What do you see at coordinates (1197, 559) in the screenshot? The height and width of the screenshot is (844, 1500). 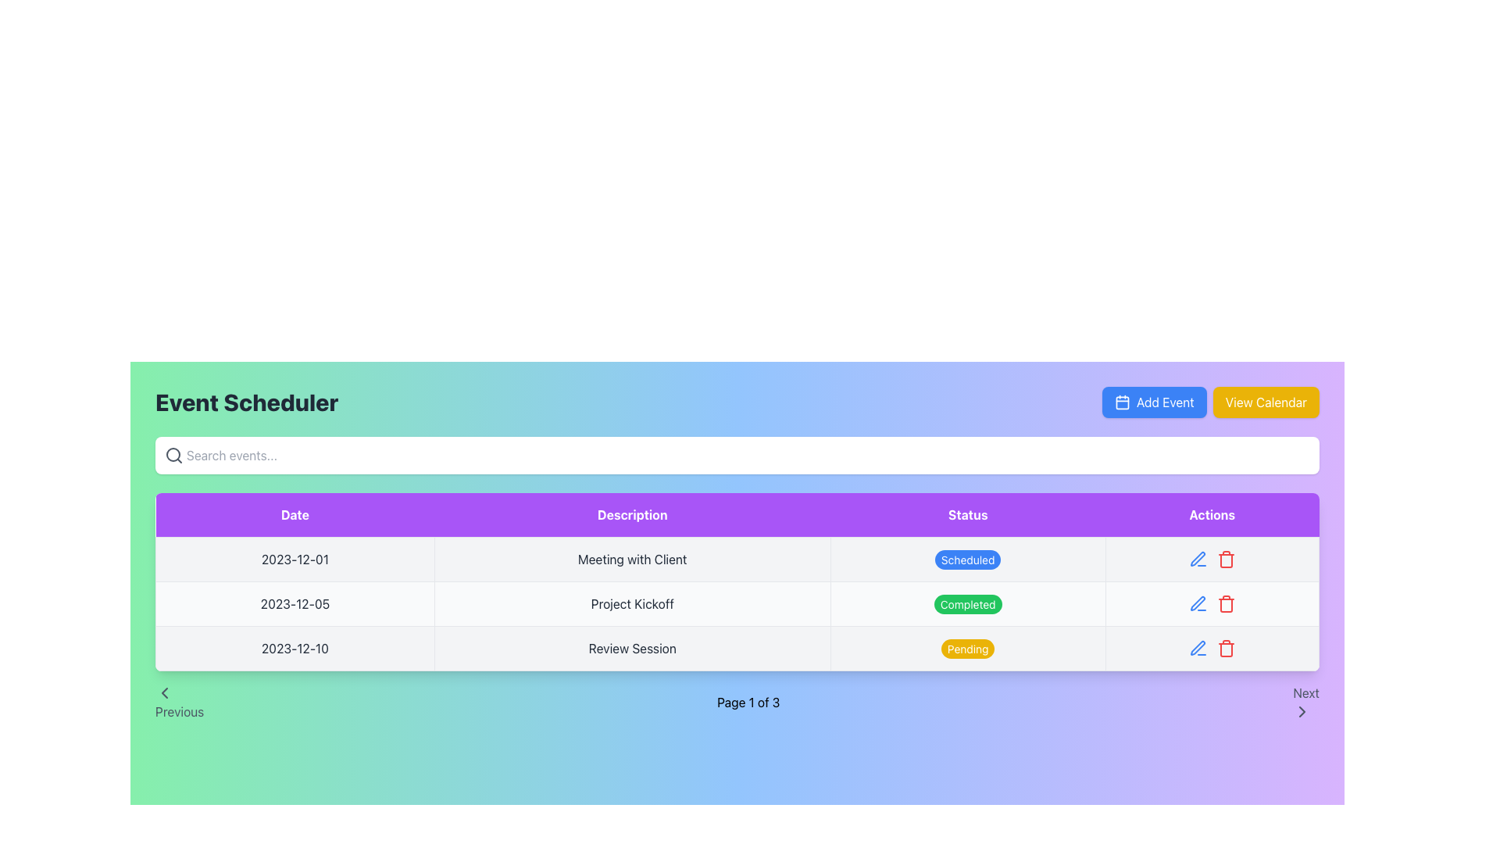 I see `the blue pen-shaped icon with a stroke through it located in the 'Actions' column of the third row of the table` at bounding box center [1197, 559].